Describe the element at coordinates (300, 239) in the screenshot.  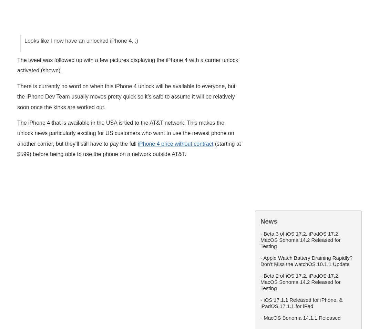
I see `'Beta 3 of iOS 17.2, iPadOS 17.2, MacOS Sonoma 14.2 Released for Testing'` at that location.